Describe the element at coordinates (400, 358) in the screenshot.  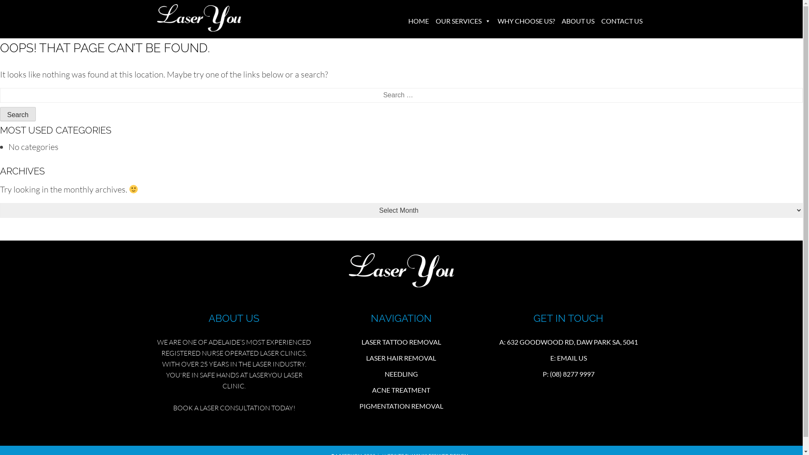
I see `'LASER HAIR REMOVAL'` at that location.